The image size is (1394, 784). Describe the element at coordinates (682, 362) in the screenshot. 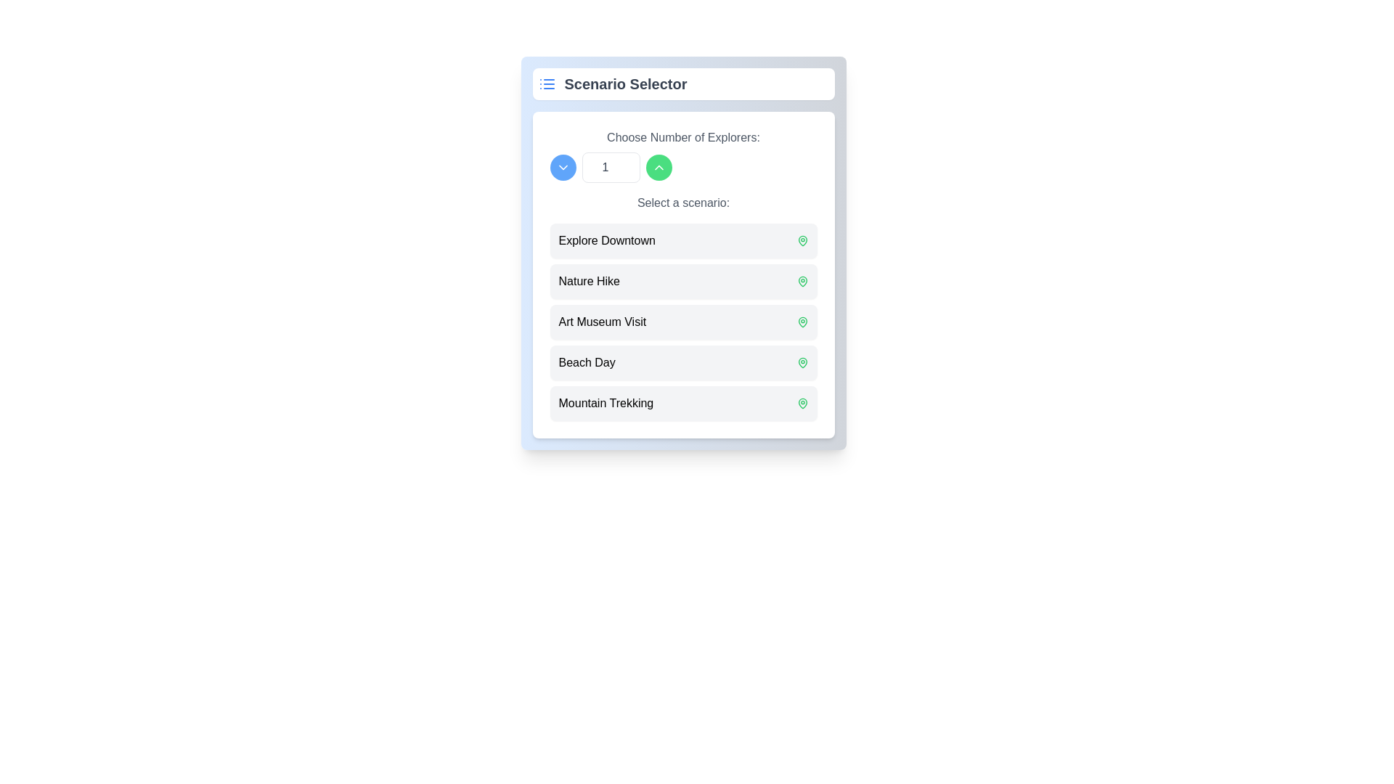

I see `the 'Beach Day' selectable card, which is the fourth item in the vertically stacked list, located between 'Art Museum Visit' and 'Mountain Trekking'` at that location.